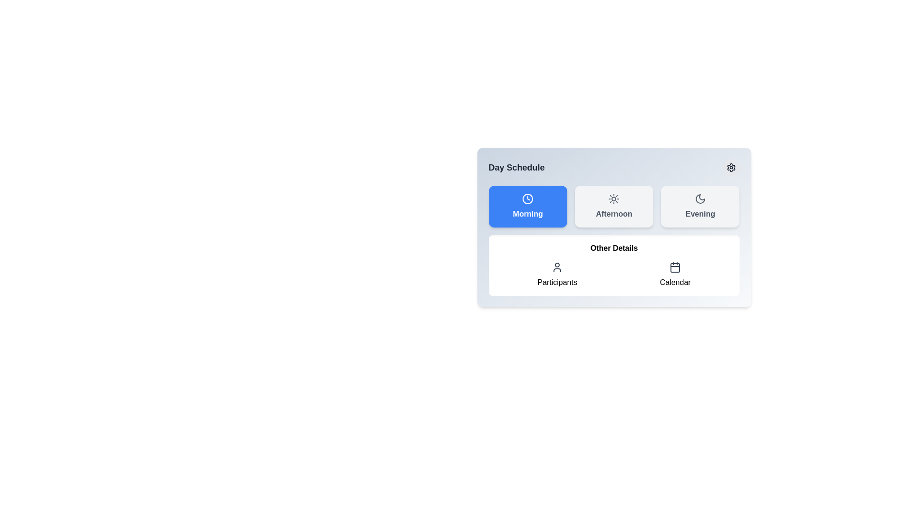  What do you see at coordinates (675, 282) in the screenshot?
I see `the 'Calendar' text label located at the bottom-right of the 'Other Details' section, which is displayed in a black sans-serif font and positioned below a calendar icon` at bounding box center [675, 282].